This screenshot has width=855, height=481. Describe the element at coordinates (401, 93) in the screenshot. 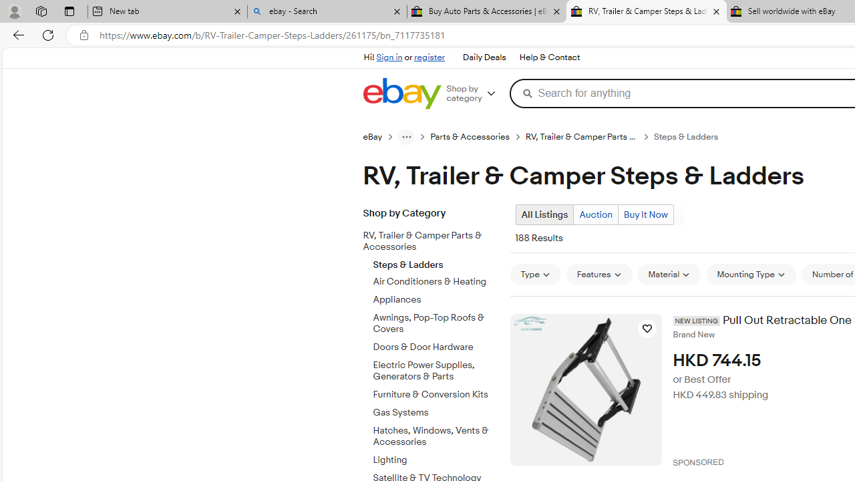

I see `'eBay Home'` at that location.